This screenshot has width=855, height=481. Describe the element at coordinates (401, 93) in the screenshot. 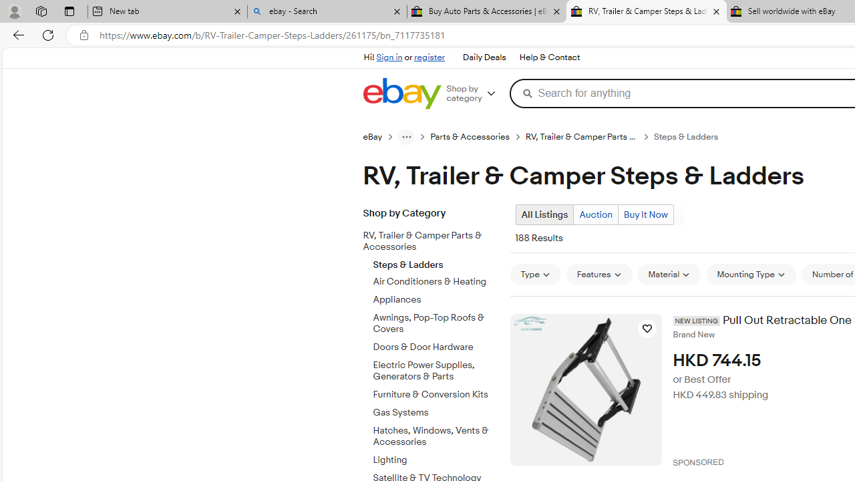

I see `'eBay Home'` at that location.